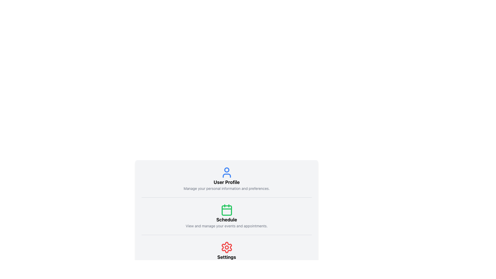  I want to click on the settings icon located in the third section of the layout, so click(227, 247).